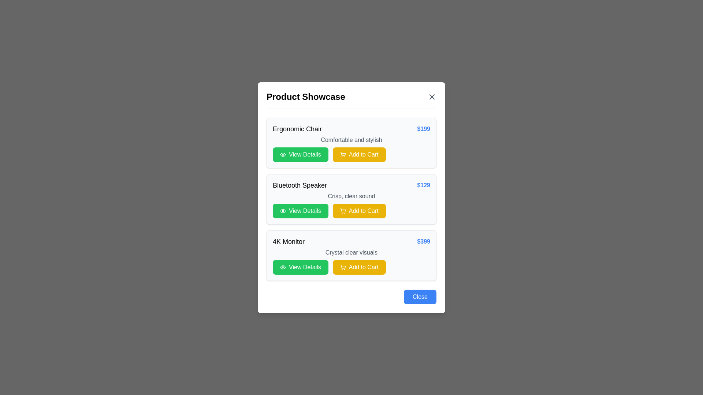  I want to click on the 'Ergonomic Chair' text label, which serves as the title for the product entry, so click(297, 128).